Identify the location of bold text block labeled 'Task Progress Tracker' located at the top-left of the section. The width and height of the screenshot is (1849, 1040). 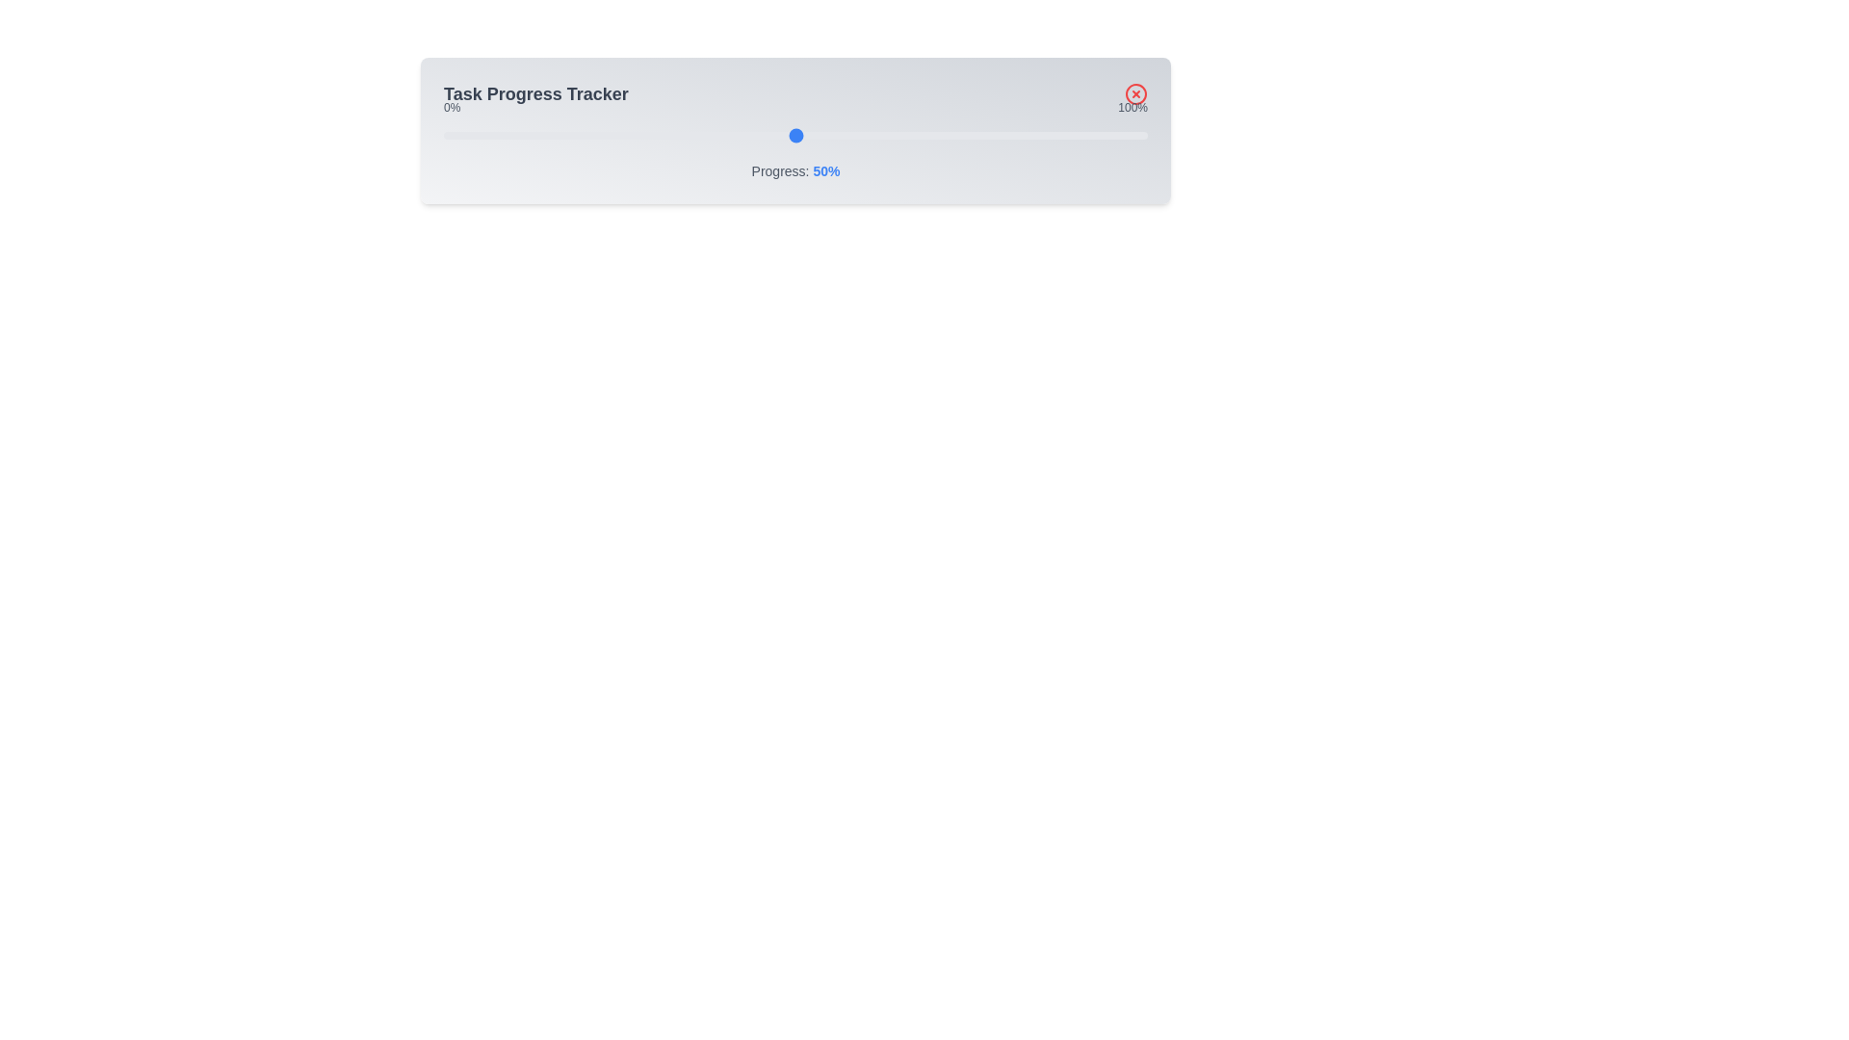
(535, 93).